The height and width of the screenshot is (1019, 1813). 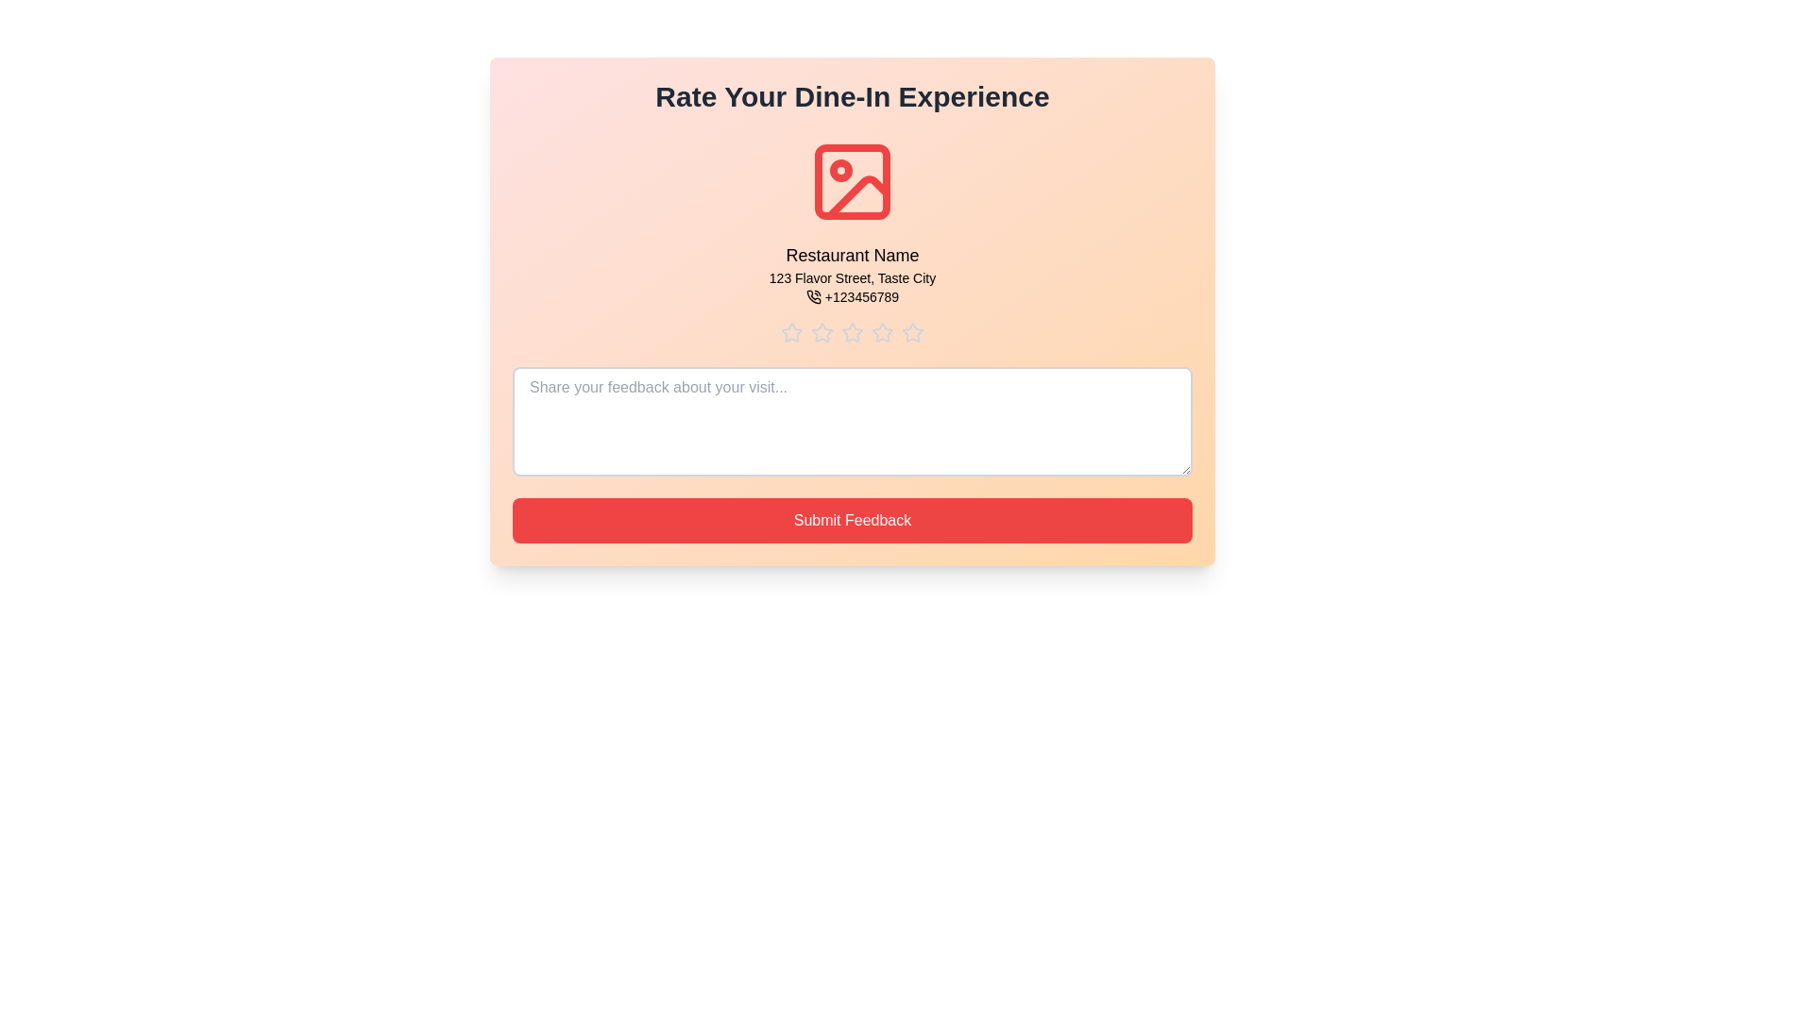 What do you see at coordinates (851, 520) in the screenshot?
I see `the submit button to submit the feedback` at bounding box center [851, 520].